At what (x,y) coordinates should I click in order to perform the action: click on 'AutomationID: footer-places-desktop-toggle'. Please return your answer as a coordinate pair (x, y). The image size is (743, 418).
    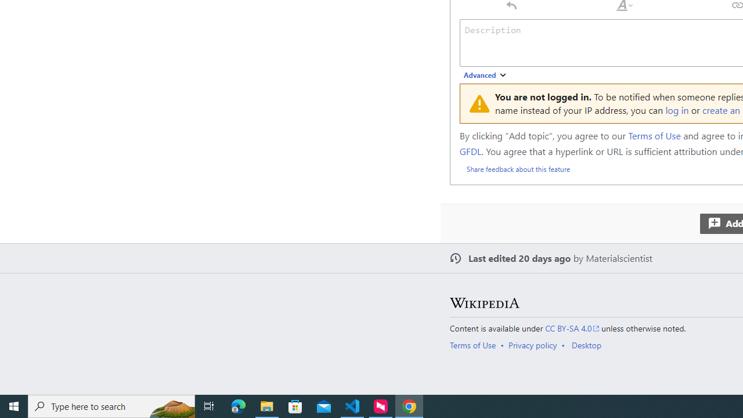
    Looking at the image, I should click on (589, 344).